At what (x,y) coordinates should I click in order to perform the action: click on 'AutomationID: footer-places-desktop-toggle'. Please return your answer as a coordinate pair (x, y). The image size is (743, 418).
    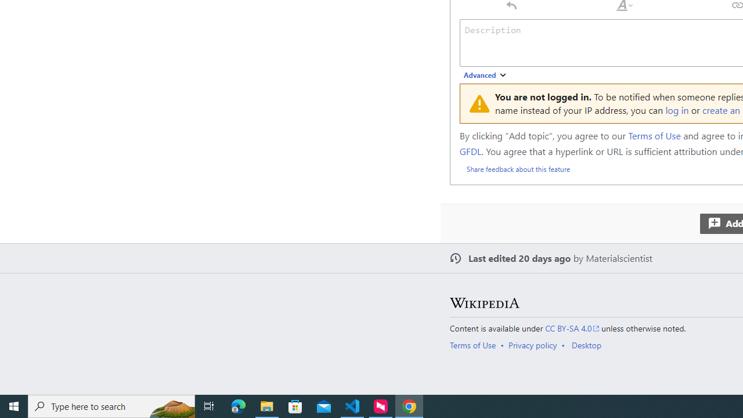
    Looking at the image, I should click on (589, 344).